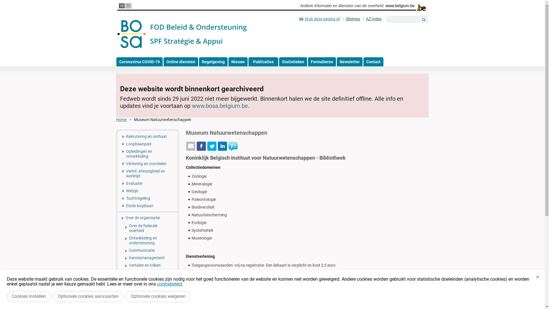 This screenshot has height=309, width=549. I want to click on 'Online diensten', so click(180, 62).